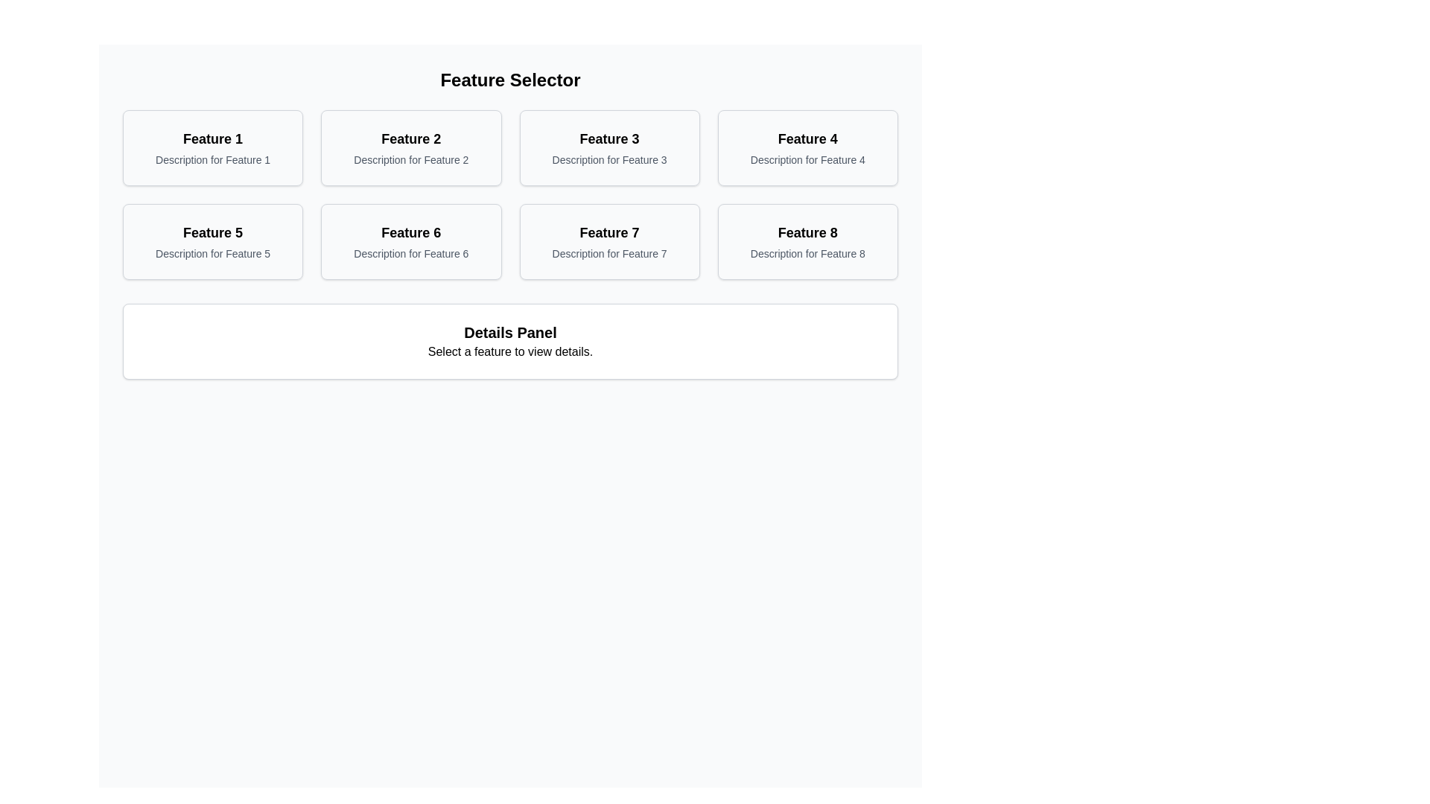 The image size is (1430, 804). What do you see at coordinates (609, 160) in the screenshot?
I see `the text label providing additional information for 'Feature 3' located in the rightmost card of the top row` at bounding box center [609, 160].